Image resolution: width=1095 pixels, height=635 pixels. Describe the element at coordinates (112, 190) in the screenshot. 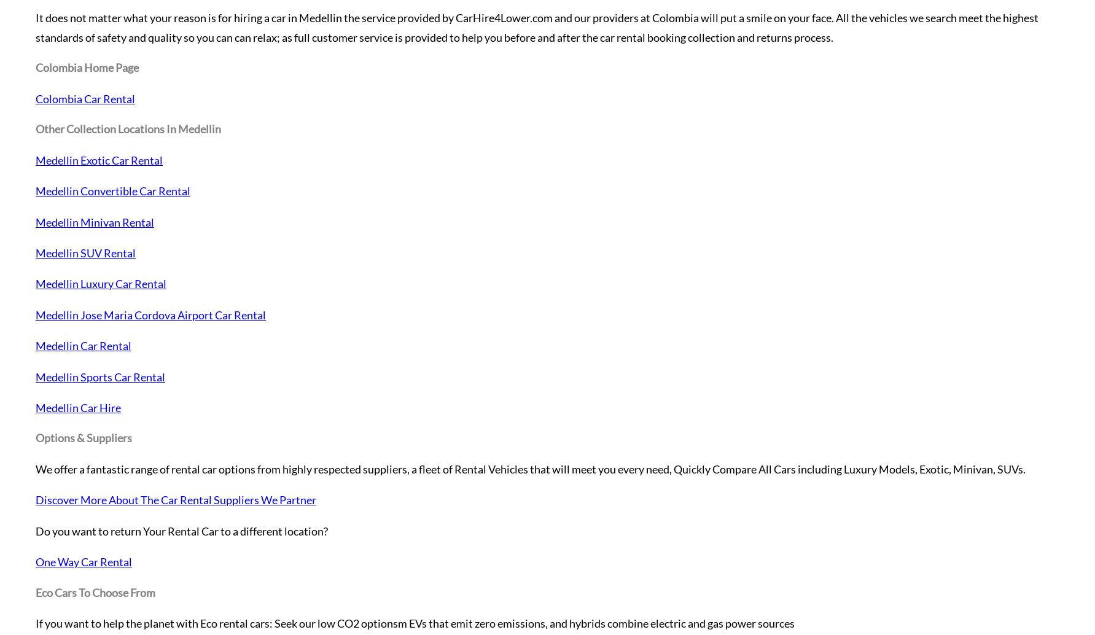

I see `'Medellin Convertible Car Rental'` at that location.